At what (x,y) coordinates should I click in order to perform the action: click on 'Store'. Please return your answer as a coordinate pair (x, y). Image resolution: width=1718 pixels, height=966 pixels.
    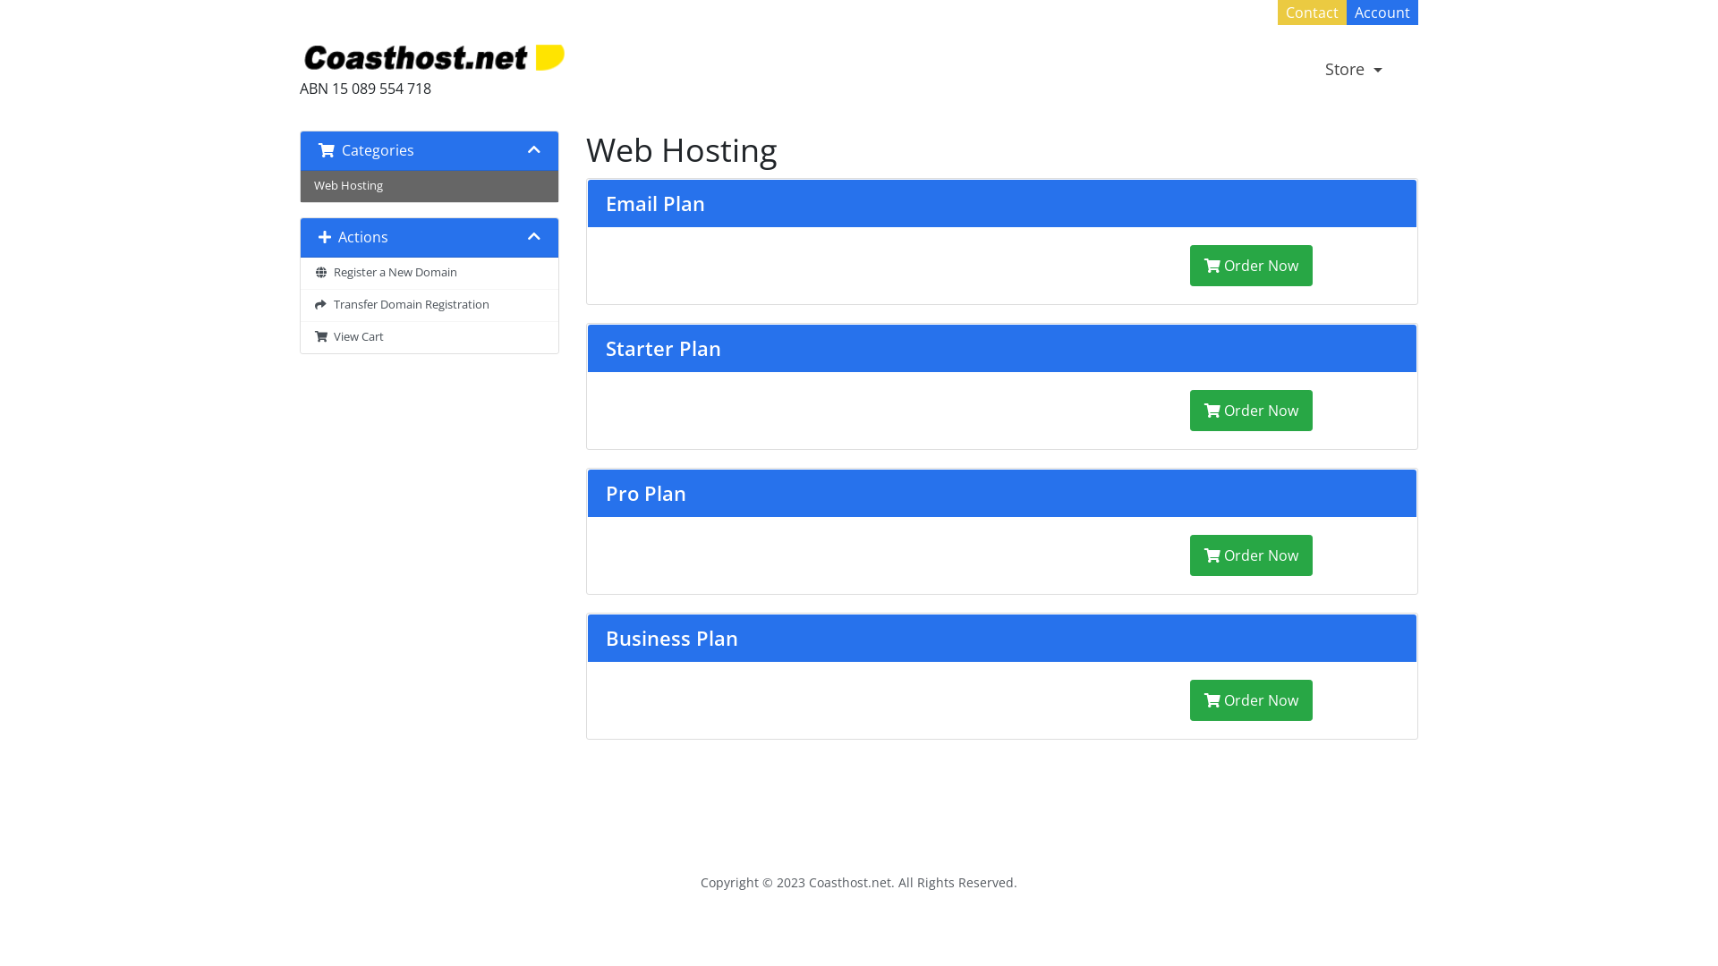
    Looking at the image, I should click on (1357, 68).